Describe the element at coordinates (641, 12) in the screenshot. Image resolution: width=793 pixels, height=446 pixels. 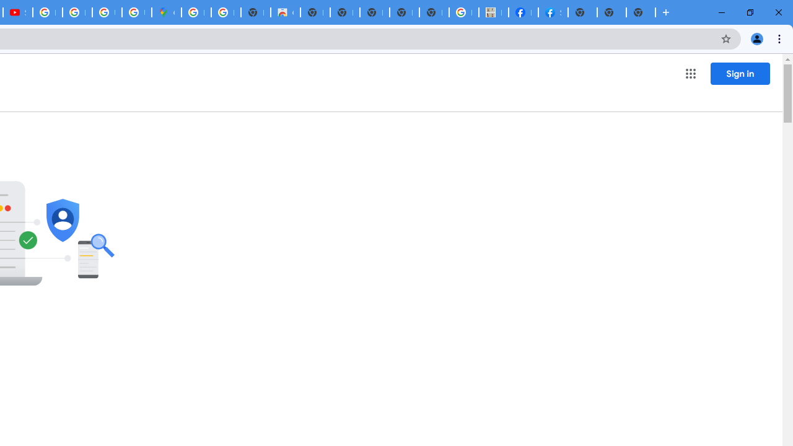
I see `'New Tab'` at that location.